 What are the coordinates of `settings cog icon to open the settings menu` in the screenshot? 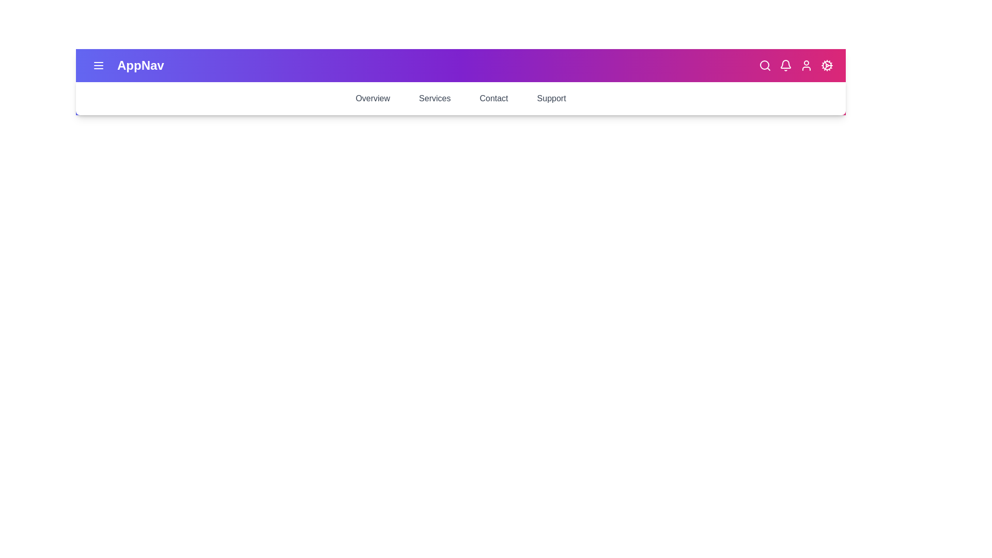 It's located at (827, 66).